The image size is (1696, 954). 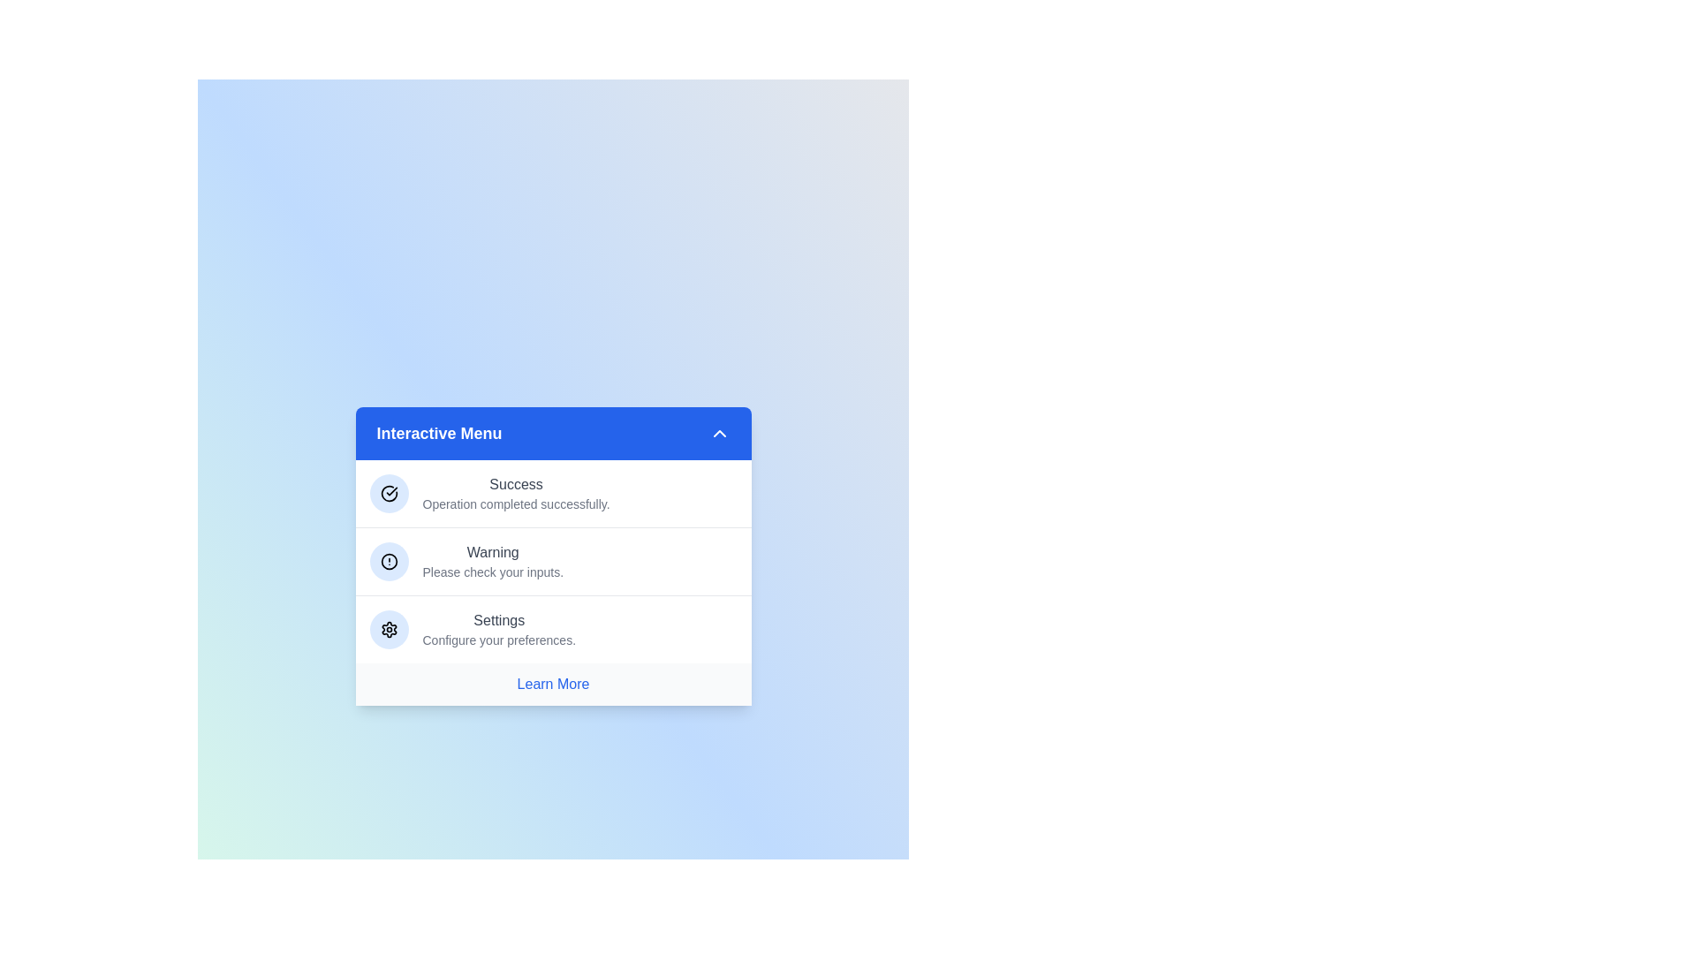 I want to click on the arrow button to toggle the menu visibility, so click(x=719, y=433).